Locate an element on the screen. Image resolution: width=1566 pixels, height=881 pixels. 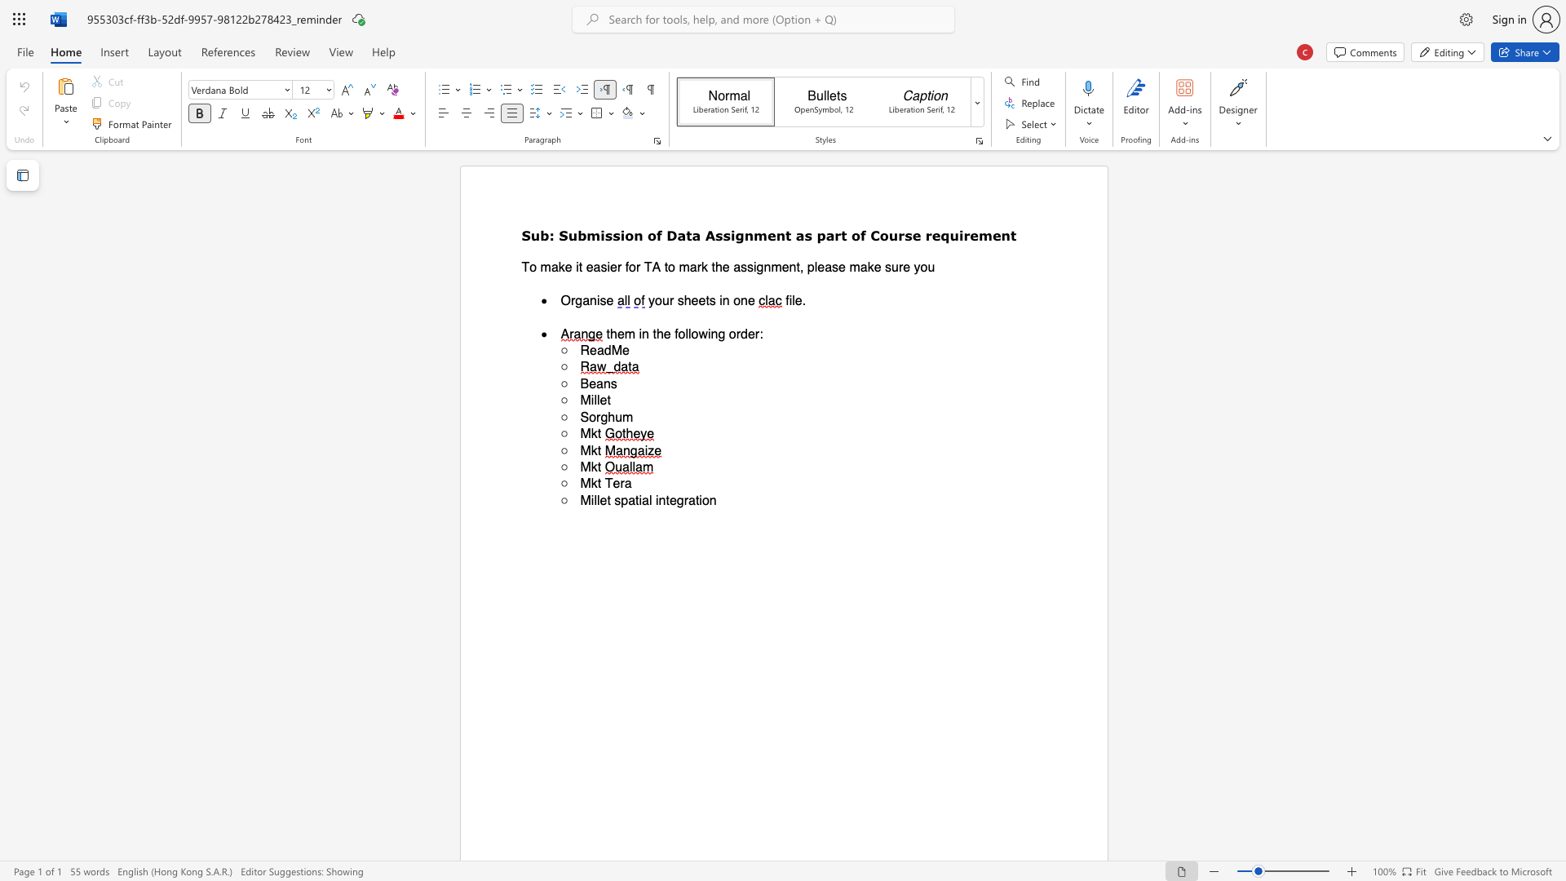
the 1th character "t" in the text is located at coordinates (608, 499).